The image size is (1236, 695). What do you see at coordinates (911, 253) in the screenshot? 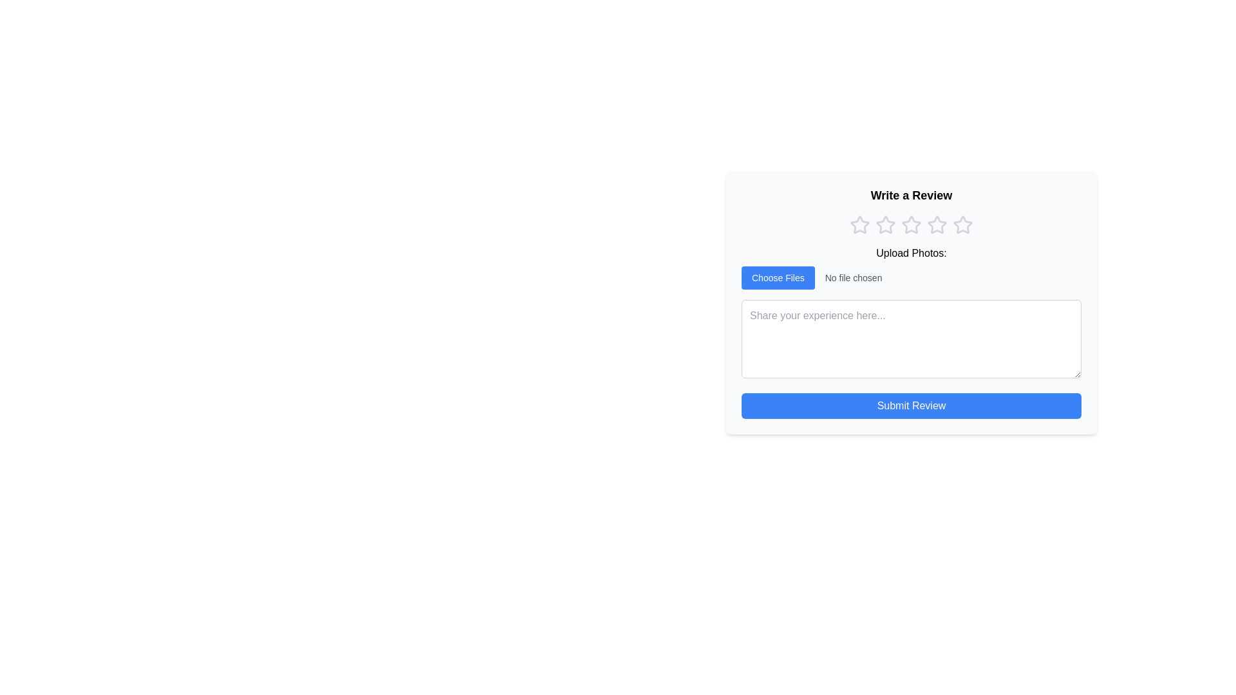
I see `the Static Text Label that reads 'Upload Photos:', which is styled with centered alignment and located below the star icons and above the file upload interface` at bounding box center [911, 253].